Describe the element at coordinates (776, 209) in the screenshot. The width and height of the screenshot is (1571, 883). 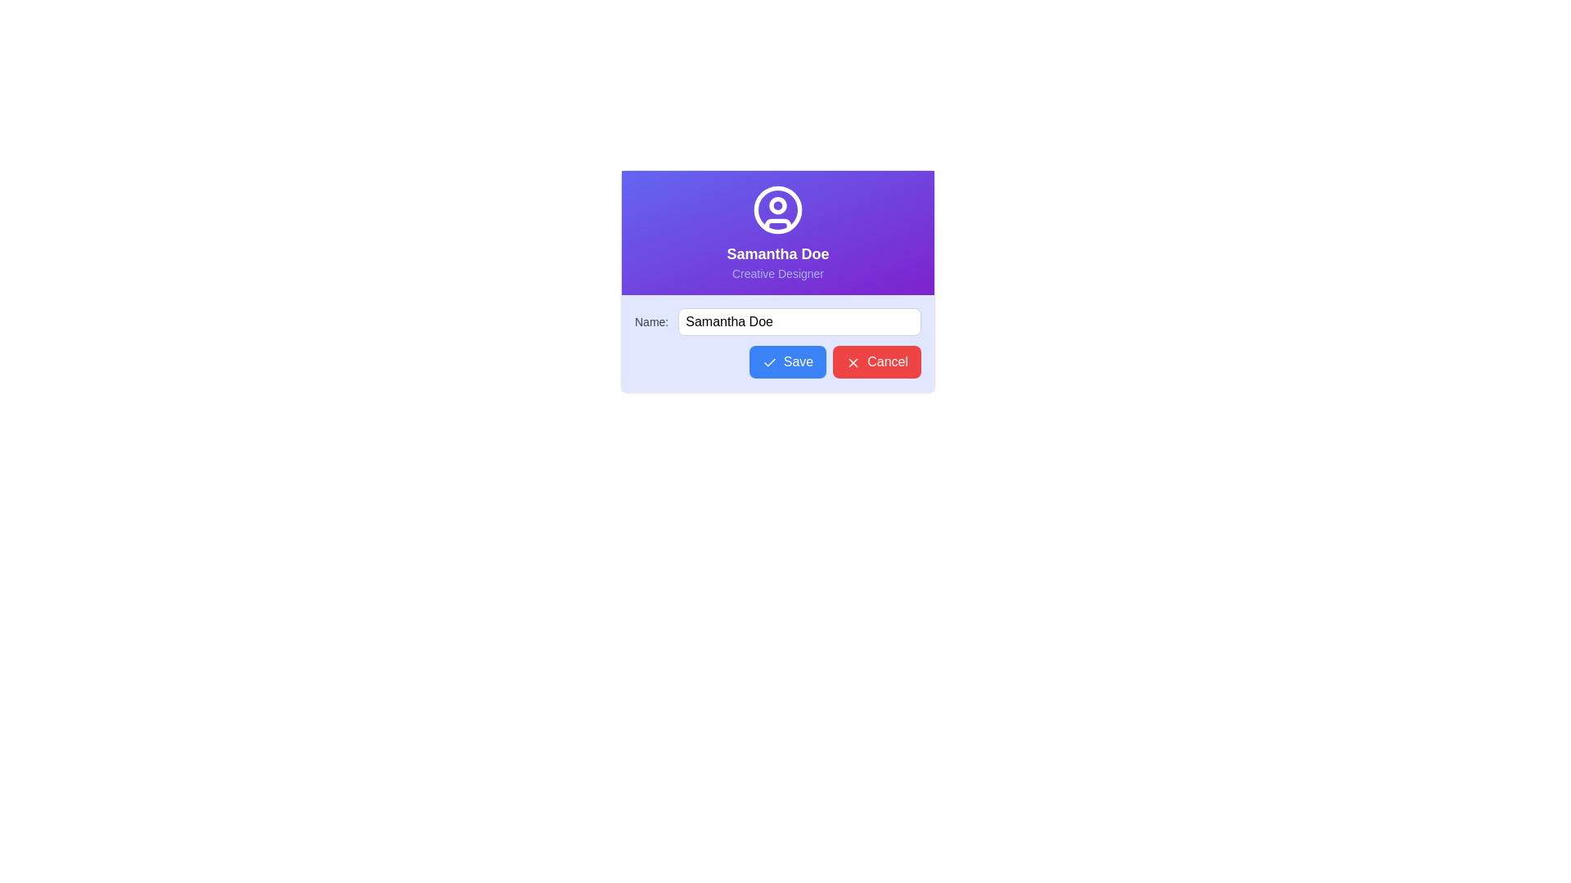
I see `the circular user profile icon with a user silhouette inside, located at the top center of the profile editing modal` at that location.